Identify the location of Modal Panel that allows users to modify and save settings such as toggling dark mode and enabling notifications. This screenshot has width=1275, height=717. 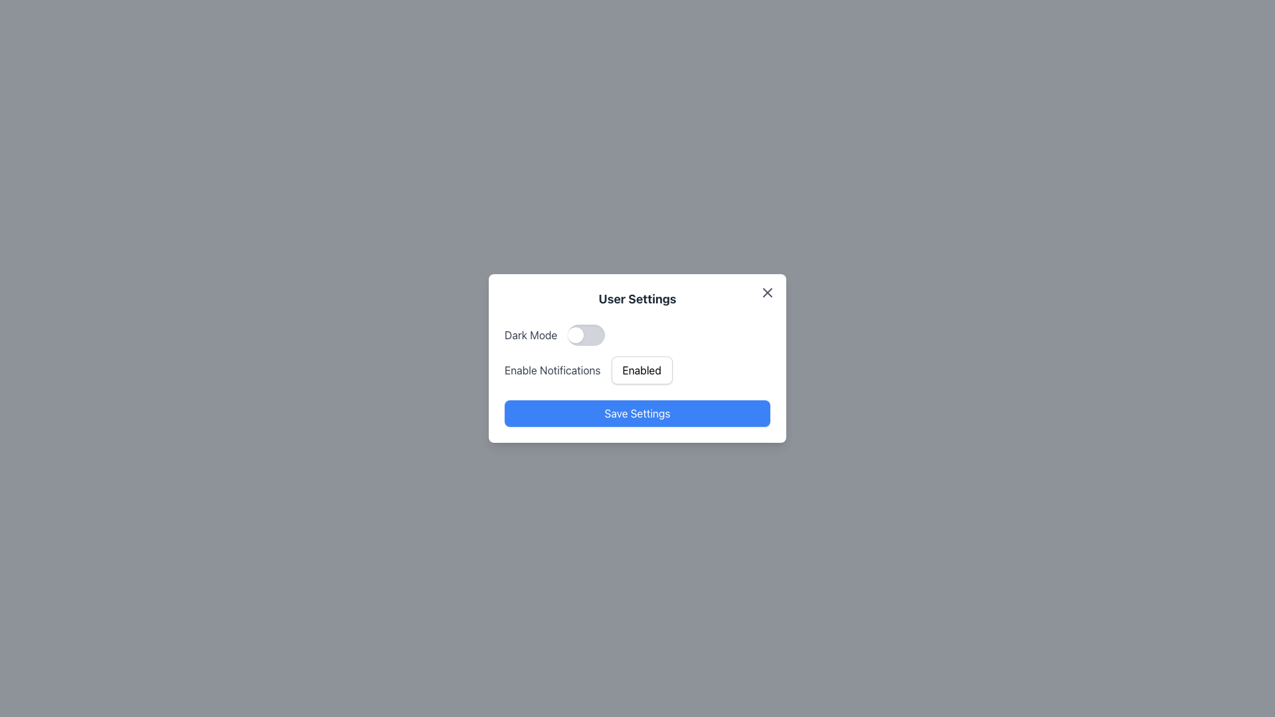
(637, 358).